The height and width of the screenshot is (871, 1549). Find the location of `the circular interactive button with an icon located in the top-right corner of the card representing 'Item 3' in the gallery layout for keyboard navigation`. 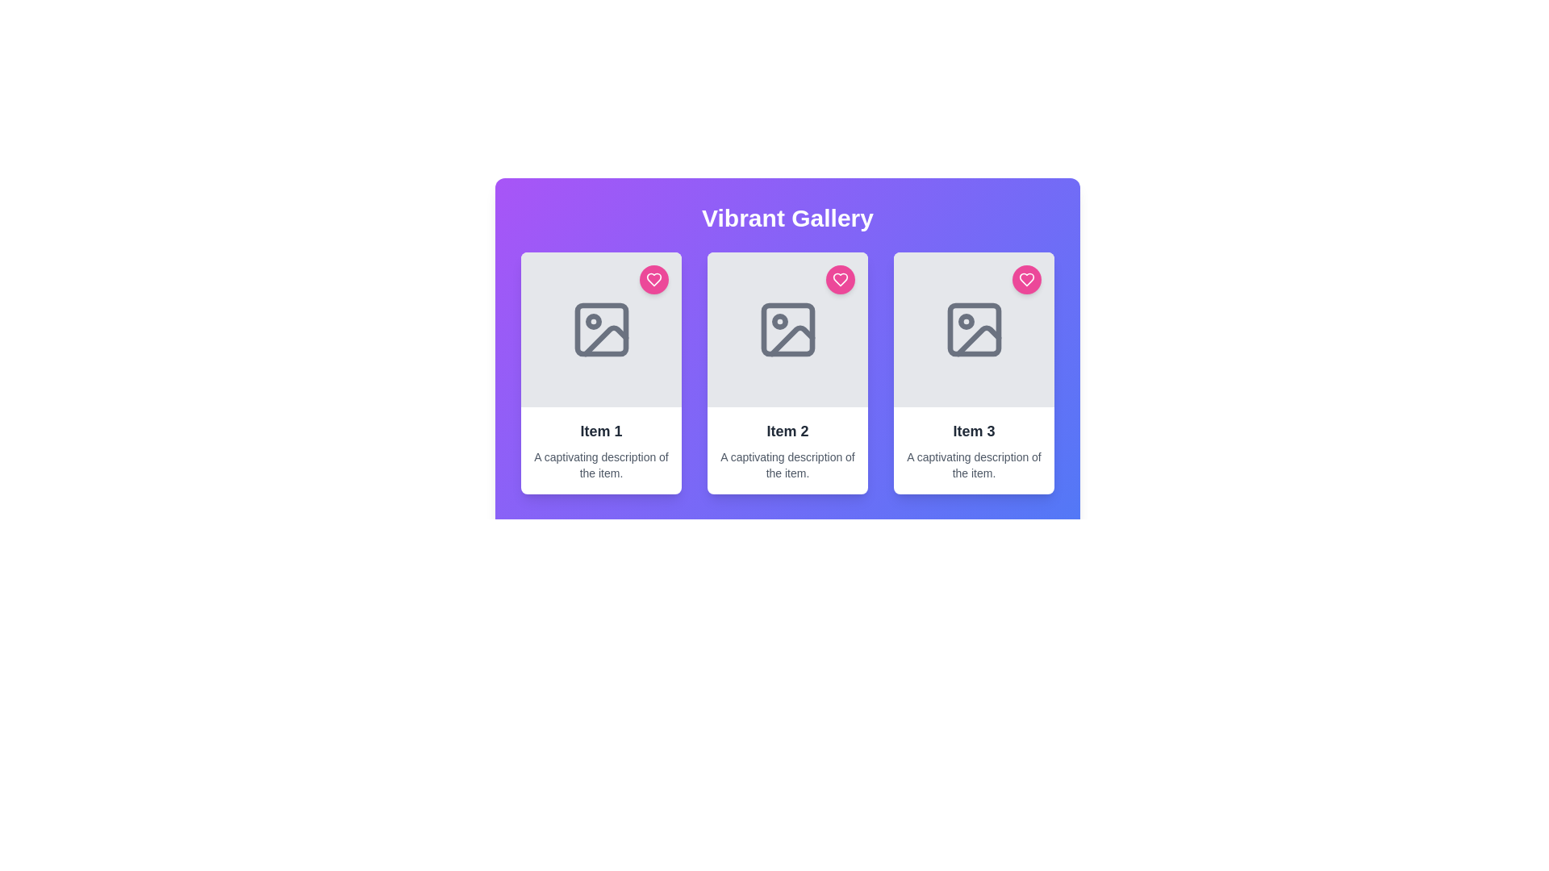

the circular interactive button with an icon located in the top-right corner of the card representing 'Item 3' in the gallery layout for keyboard navigation is located at coordinates (1025, 279).